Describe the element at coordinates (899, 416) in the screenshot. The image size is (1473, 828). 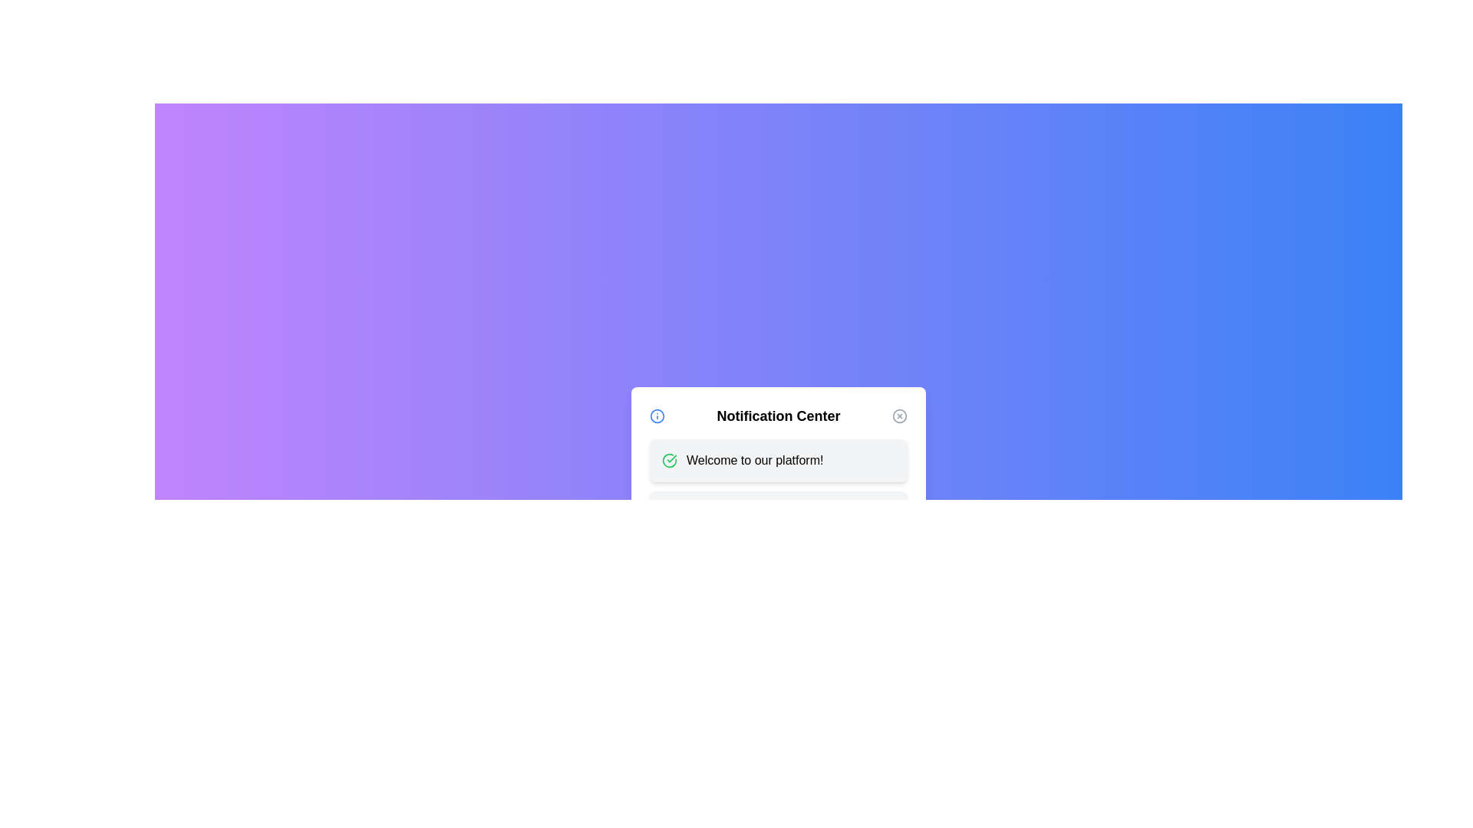
I see `the SVG circle element that functions as a close or cancel button` at that location.